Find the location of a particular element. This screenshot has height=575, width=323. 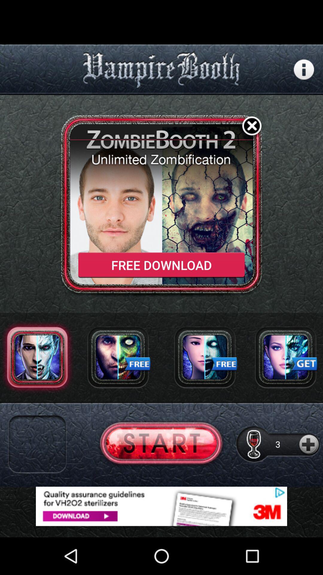

download effect is located at coordinates (205, 357).